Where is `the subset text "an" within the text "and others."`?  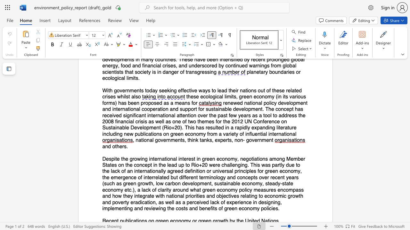
the subset text "an" within the text "and others." is located at coordinates (102, 146).